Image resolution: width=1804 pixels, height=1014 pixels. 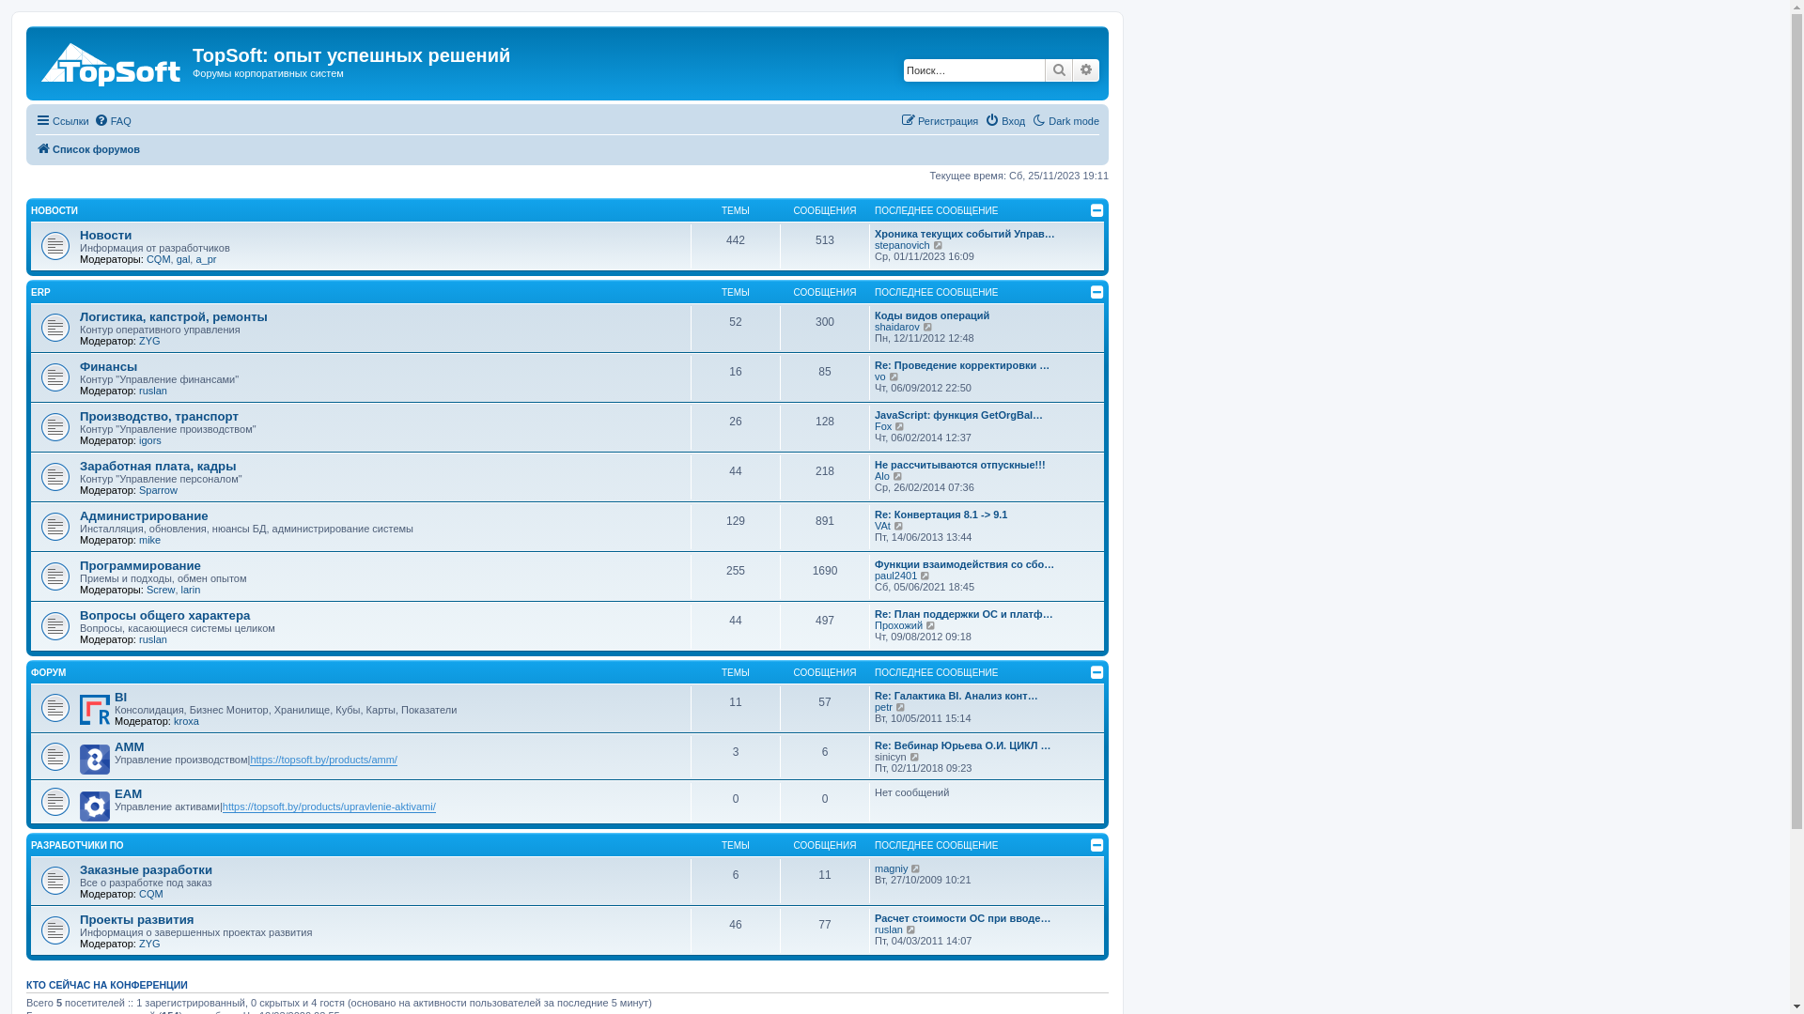 I want to click on 'Dark mode', so click(x=1065, y=120).